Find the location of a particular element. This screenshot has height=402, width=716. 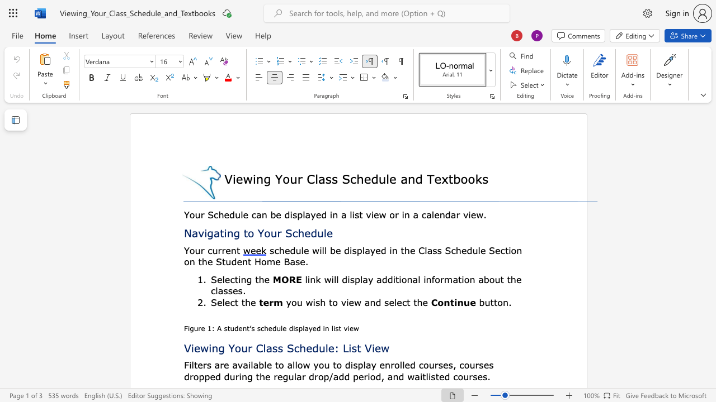

the 1th character "Y" in the text is located at coordinates (260, 232).